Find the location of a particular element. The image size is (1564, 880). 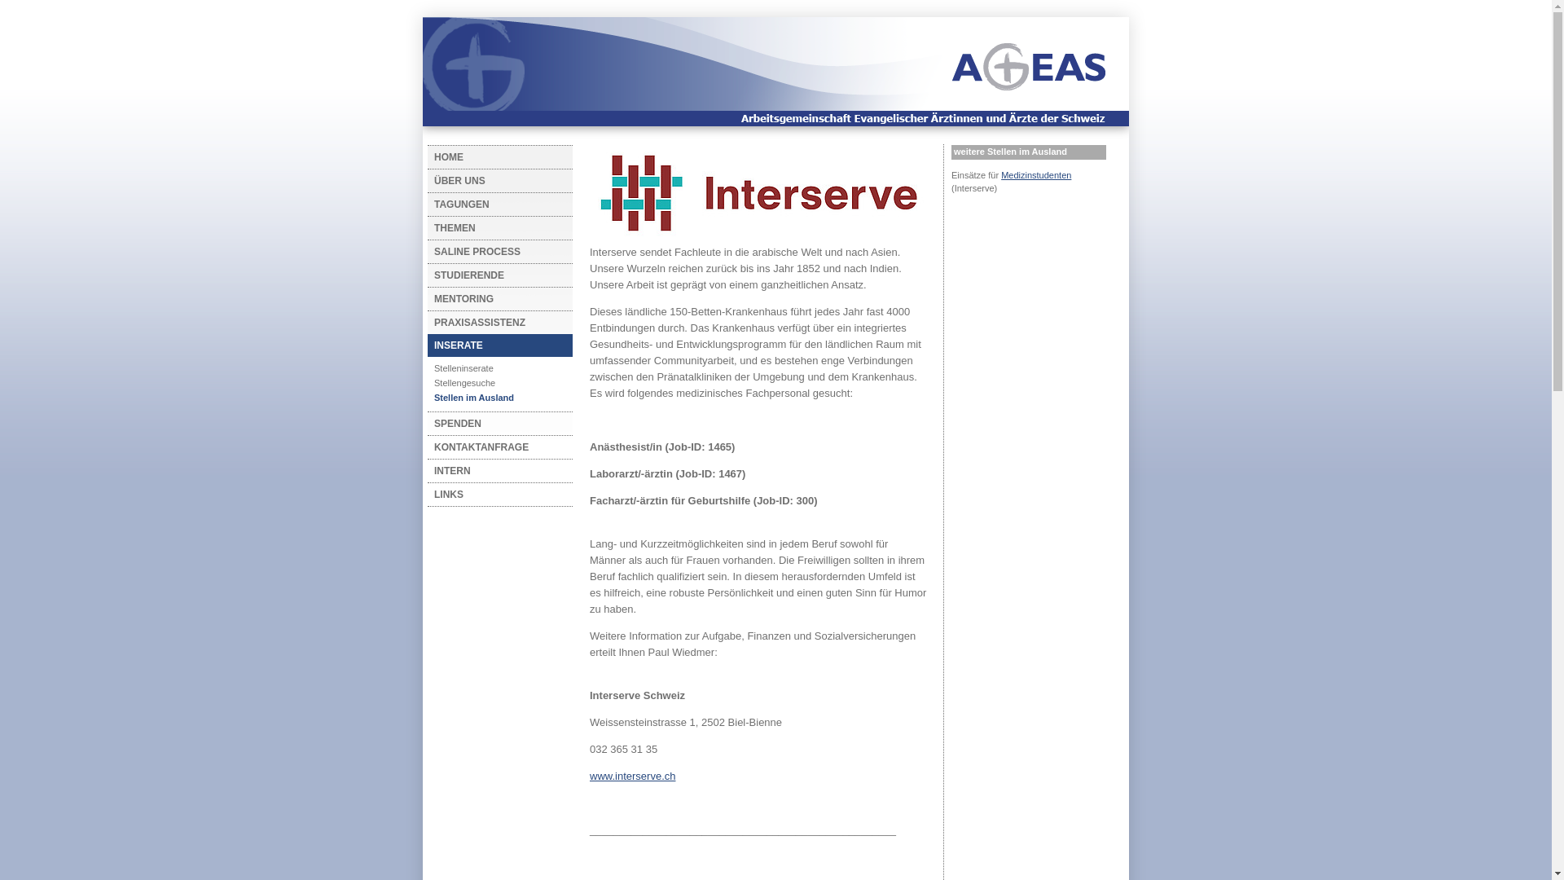

'INTERN' is located at coordinates (494, 471).